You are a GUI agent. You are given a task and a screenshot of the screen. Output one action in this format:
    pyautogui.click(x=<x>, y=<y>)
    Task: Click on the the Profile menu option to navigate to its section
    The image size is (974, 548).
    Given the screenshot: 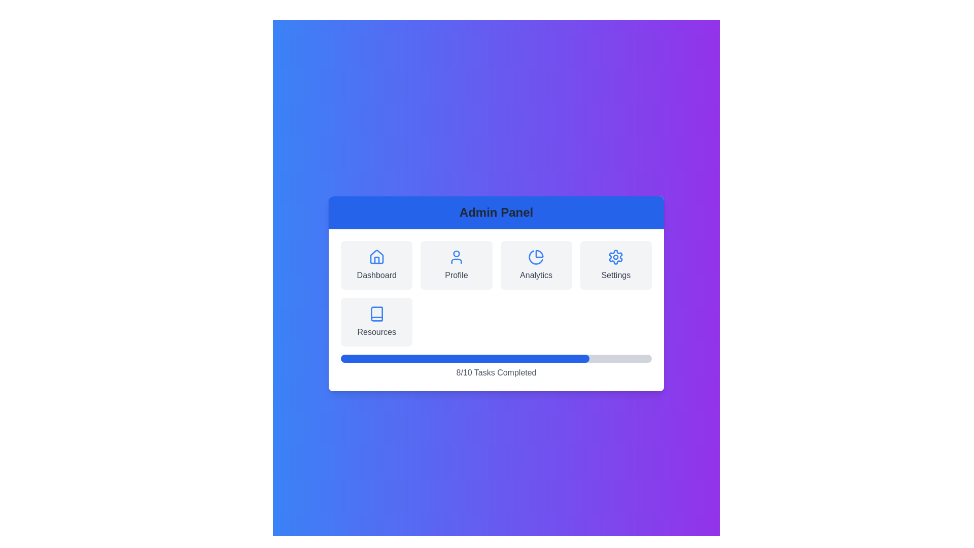 What is the action you would take?
    pyautogui.click(x=455, y=265)
    